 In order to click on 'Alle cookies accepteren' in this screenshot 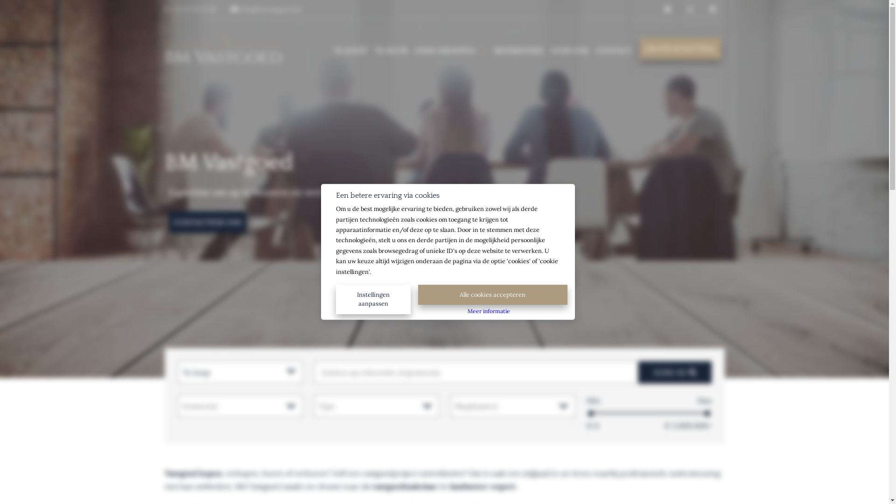, I will do `click(492, 295)`.